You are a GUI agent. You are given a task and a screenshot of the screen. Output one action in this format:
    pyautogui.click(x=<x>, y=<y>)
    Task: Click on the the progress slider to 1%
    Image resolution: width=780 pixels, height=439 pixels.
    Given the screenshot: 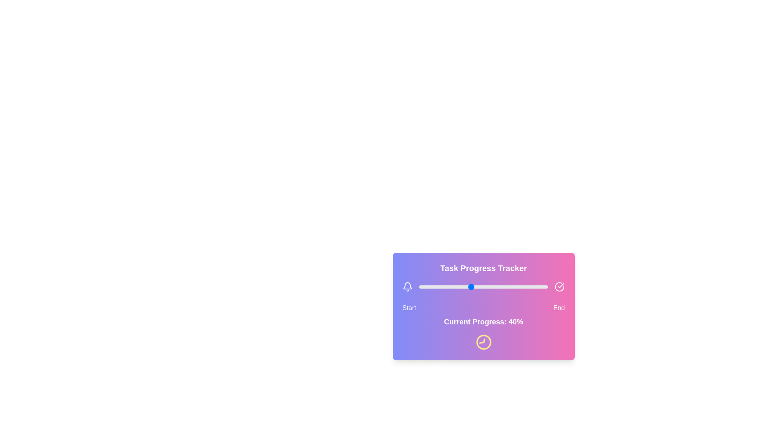 What is the action you would take?
    pyautogui.click(x=420, y=286)
    